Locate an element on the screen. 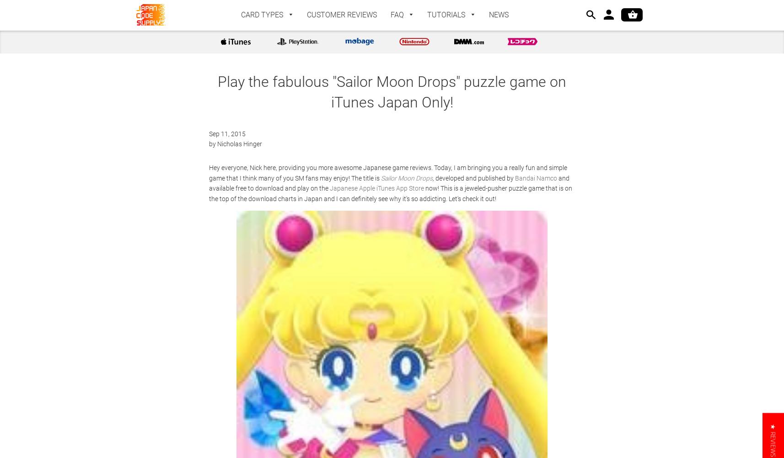  'Japanese Apple iTunes App Store' is located at coordinates (330, 188).